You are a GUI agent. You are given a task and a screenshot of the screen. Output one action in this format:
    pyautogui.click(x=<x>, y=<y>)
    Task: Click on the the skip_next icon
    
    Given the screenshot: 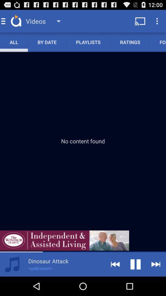 What is the action you would take?
    pyautogui.click(x=156, y=283)
    